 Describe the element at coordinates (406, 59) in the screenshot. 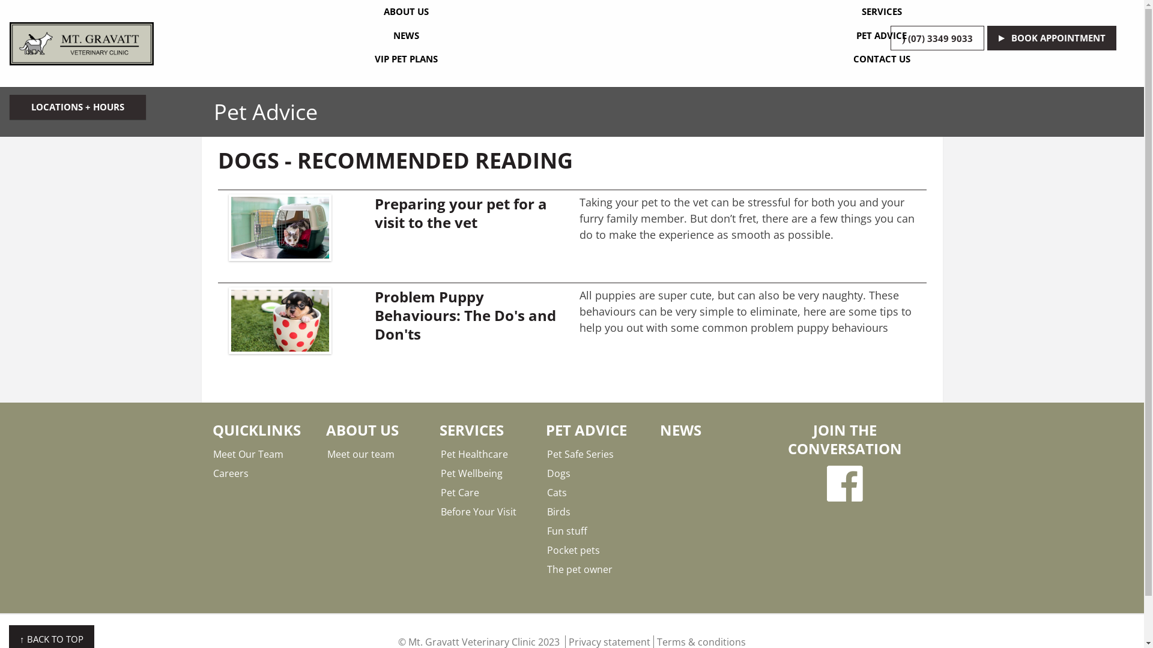

I see `'VIP PET PLANS'` at that location.